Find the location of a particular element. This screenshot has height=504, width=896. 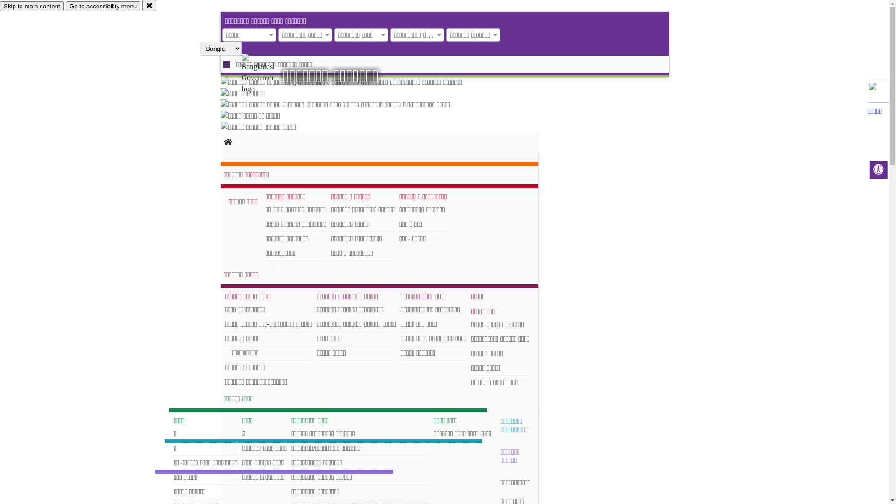

'2' is located at coordinates (264, 434).